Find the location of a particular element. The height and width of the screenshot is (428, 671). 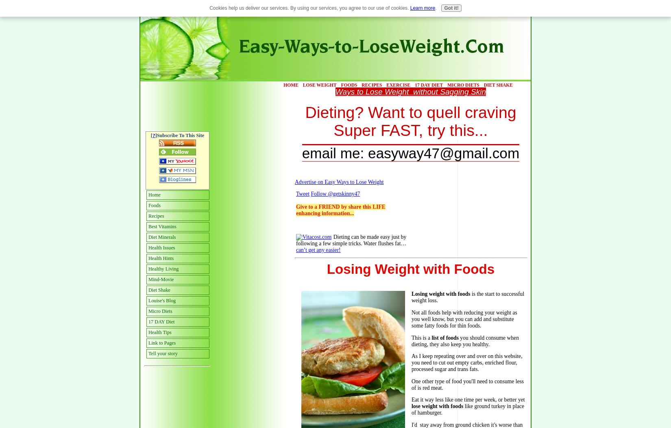

'Cookies help us deliver our services. By using our services, you agree to our use of cookies.' is located at coordinates (309, 8).